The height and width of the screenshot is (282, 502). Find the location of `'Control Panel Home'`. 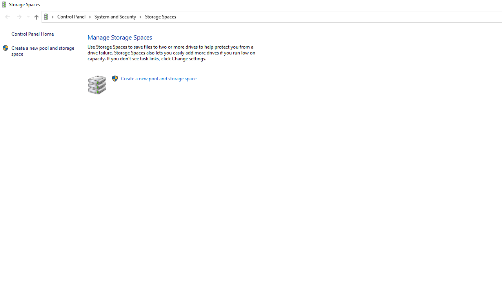

'Control Panel Home' is located at coordinates (32, 33).